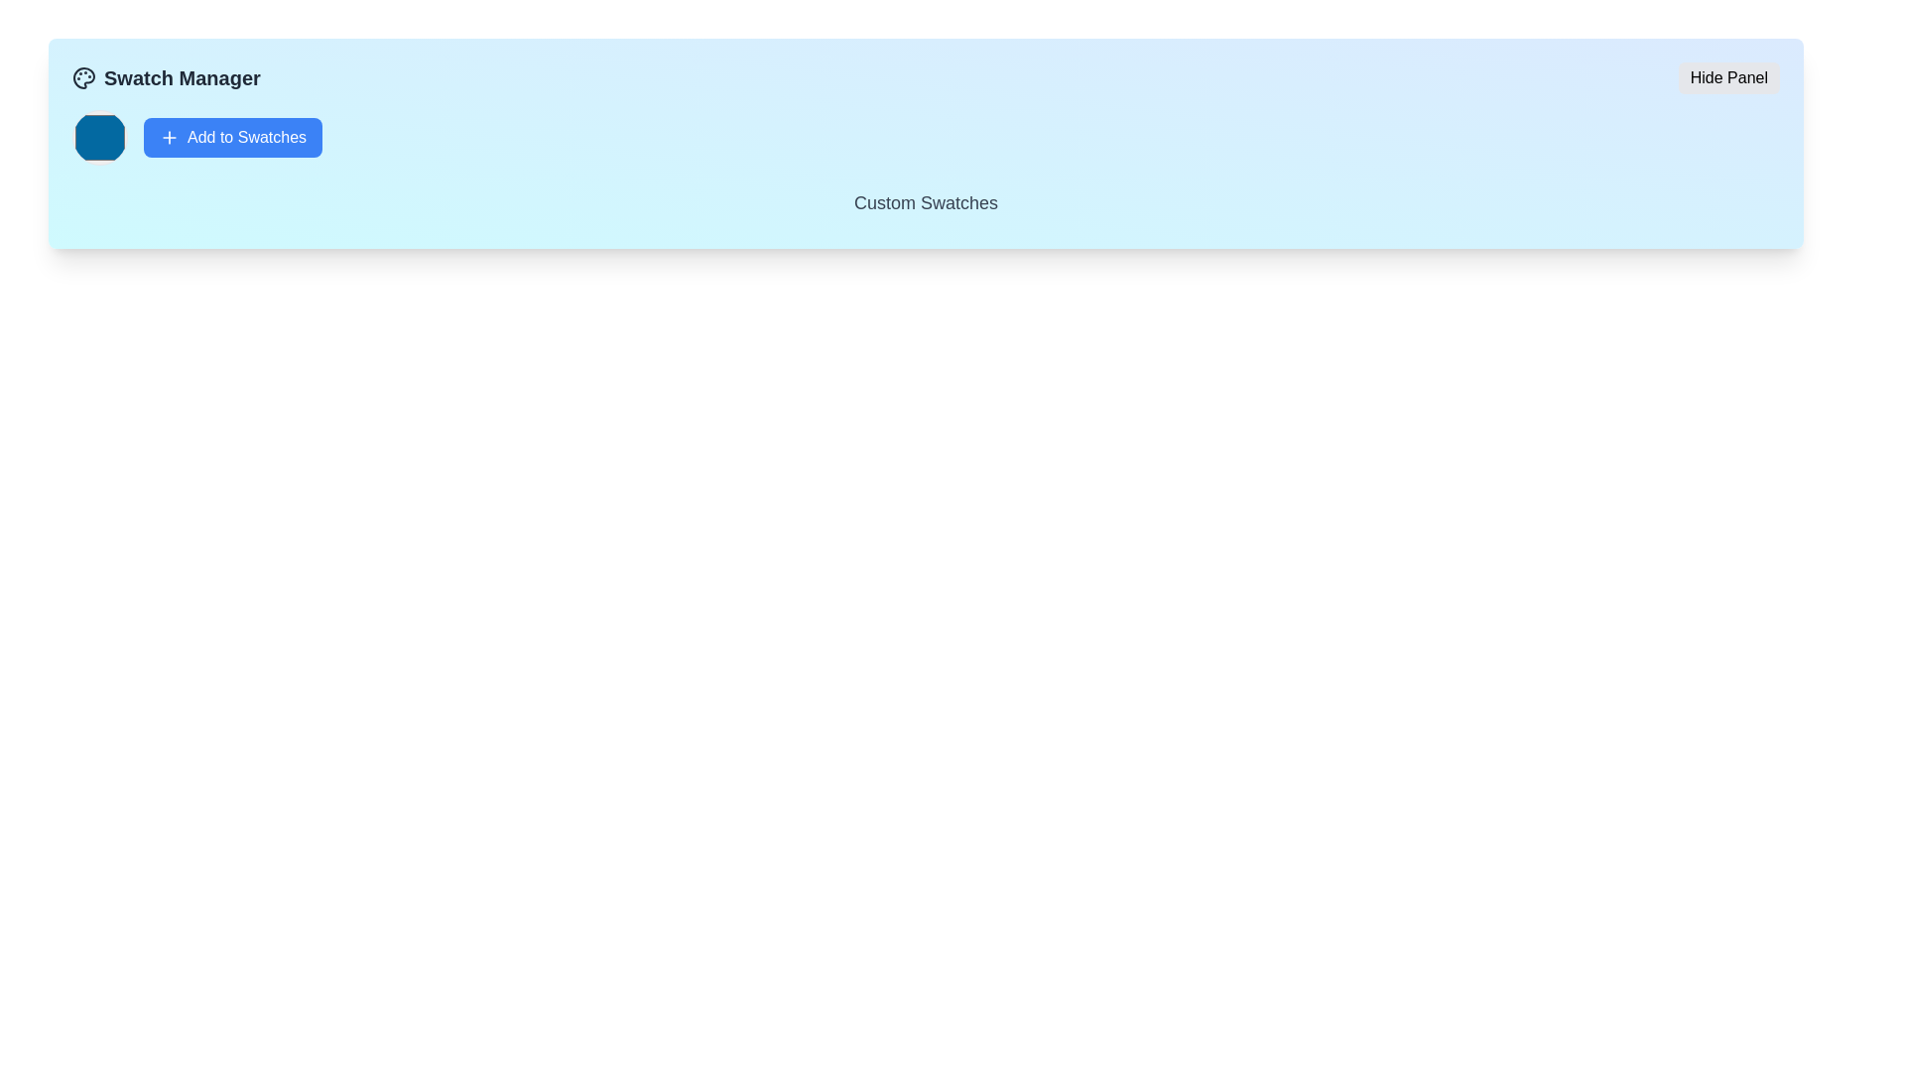  What do you see at coordinates (925, 202) in the screenshot?
I see `the text label displaying 'Custom Swatches', which is centered horizontally below the 'Add to Swatches' button and has a bold gray font on a light blue background` at bounding box center [925, 202].